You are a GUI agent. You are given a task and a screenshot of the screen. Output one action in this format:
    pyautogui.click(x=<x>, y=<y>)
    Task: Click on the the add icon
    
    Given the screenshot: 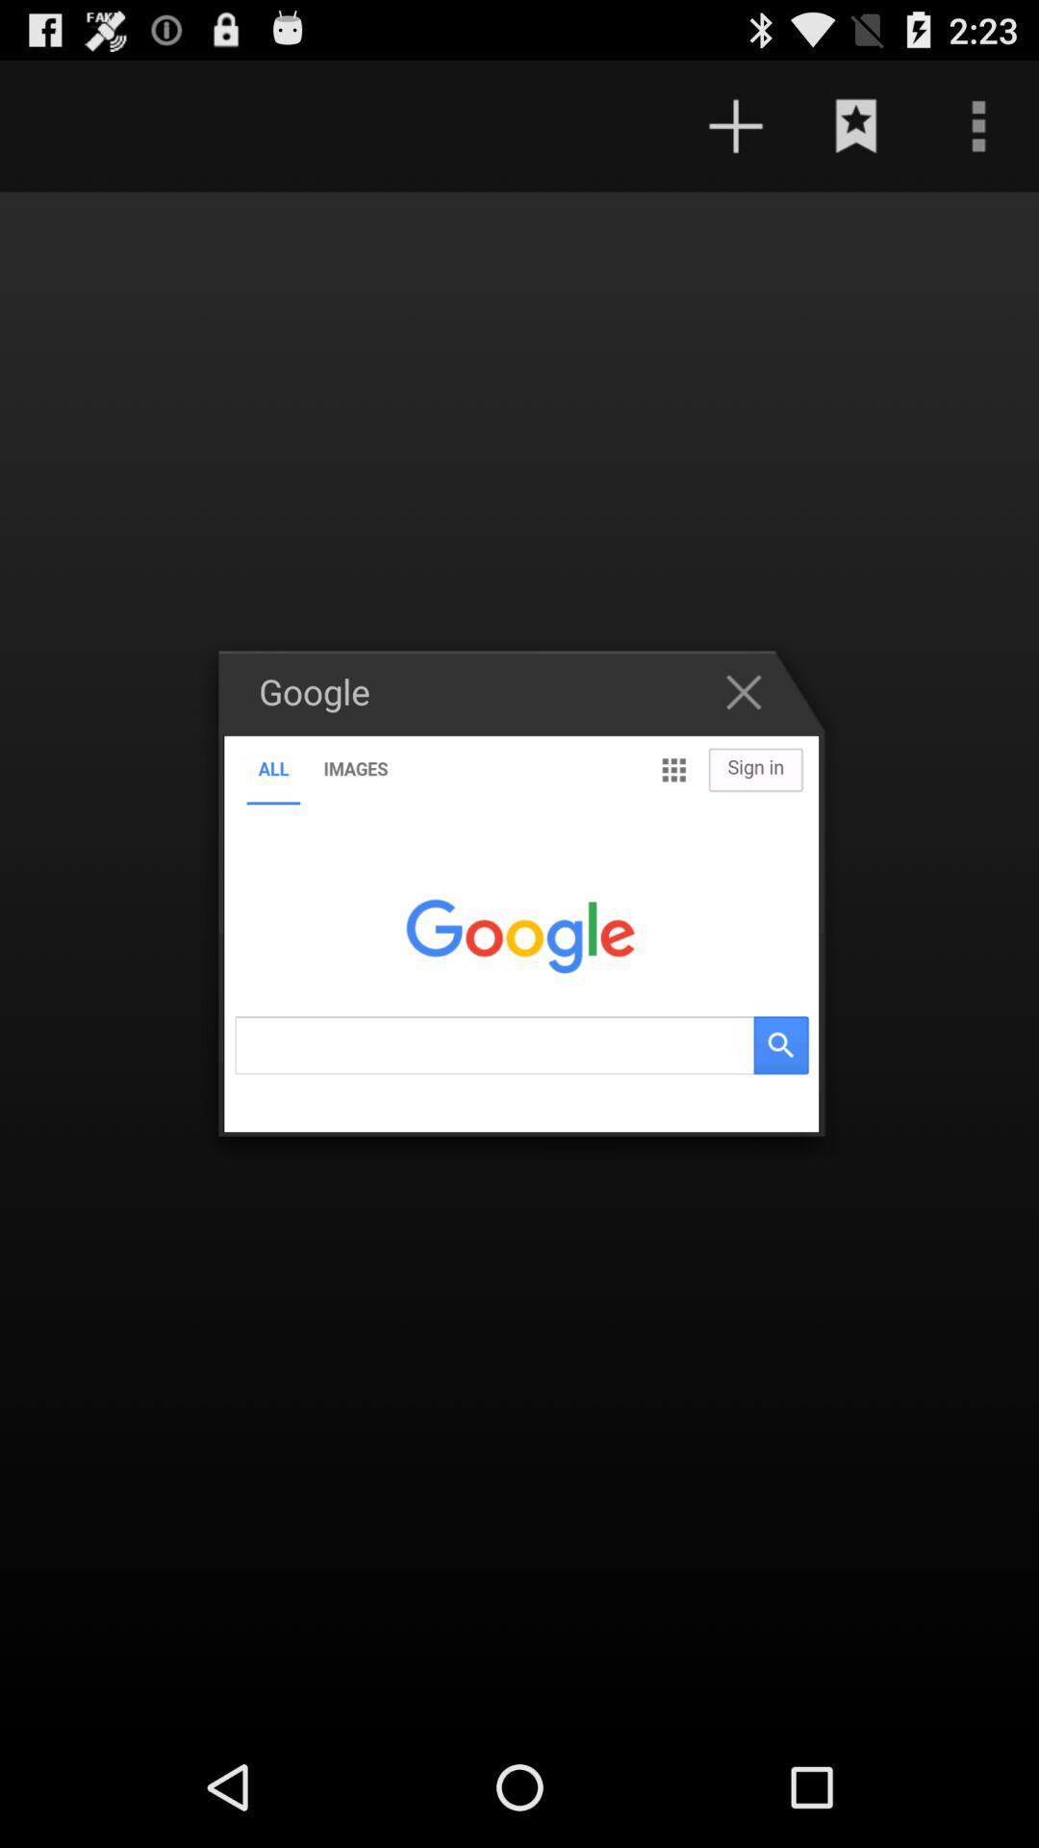 What is the action you would take?
    pyautogui.click(x=735, y=134)
    